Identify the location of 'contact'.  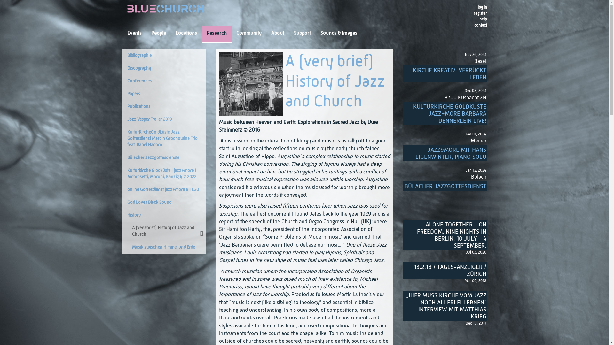
(479, 25).